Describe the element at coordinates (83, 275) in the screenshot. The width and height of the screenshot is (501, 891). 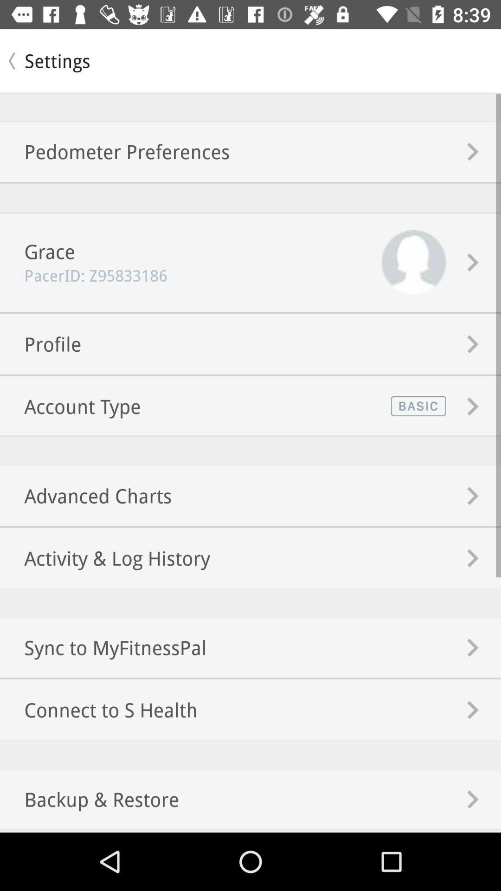
I see `the pacerid: z95833186` at that location.